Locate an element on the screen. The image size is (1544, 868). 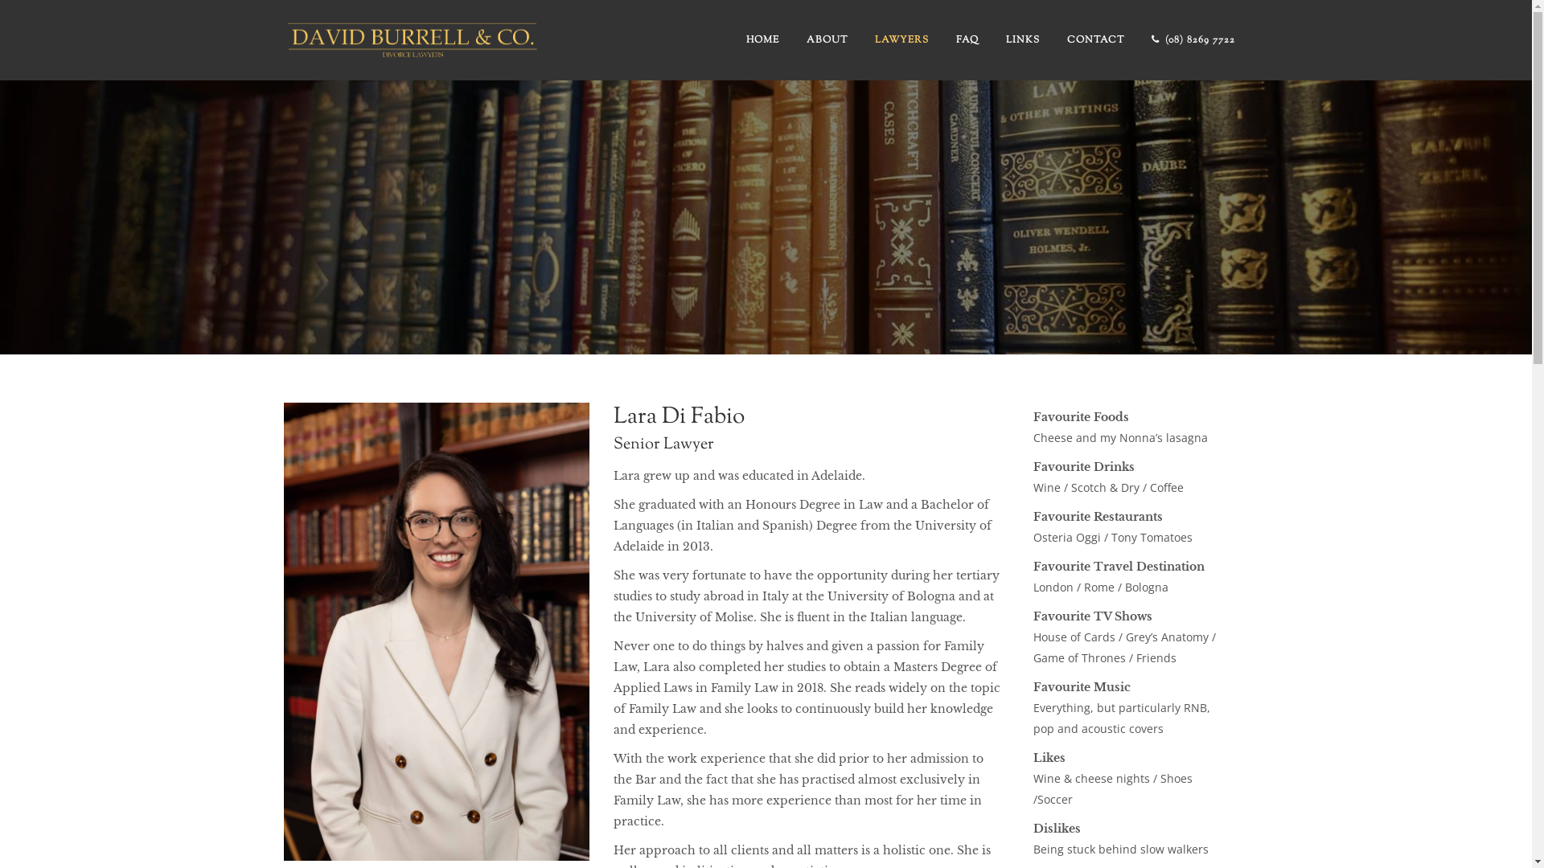
'FAQ' is located at coordinates (967, 39).